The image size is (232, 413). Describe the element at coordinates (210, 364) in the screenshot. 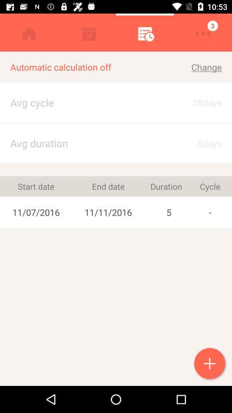

I see `new calculation box` at that location.